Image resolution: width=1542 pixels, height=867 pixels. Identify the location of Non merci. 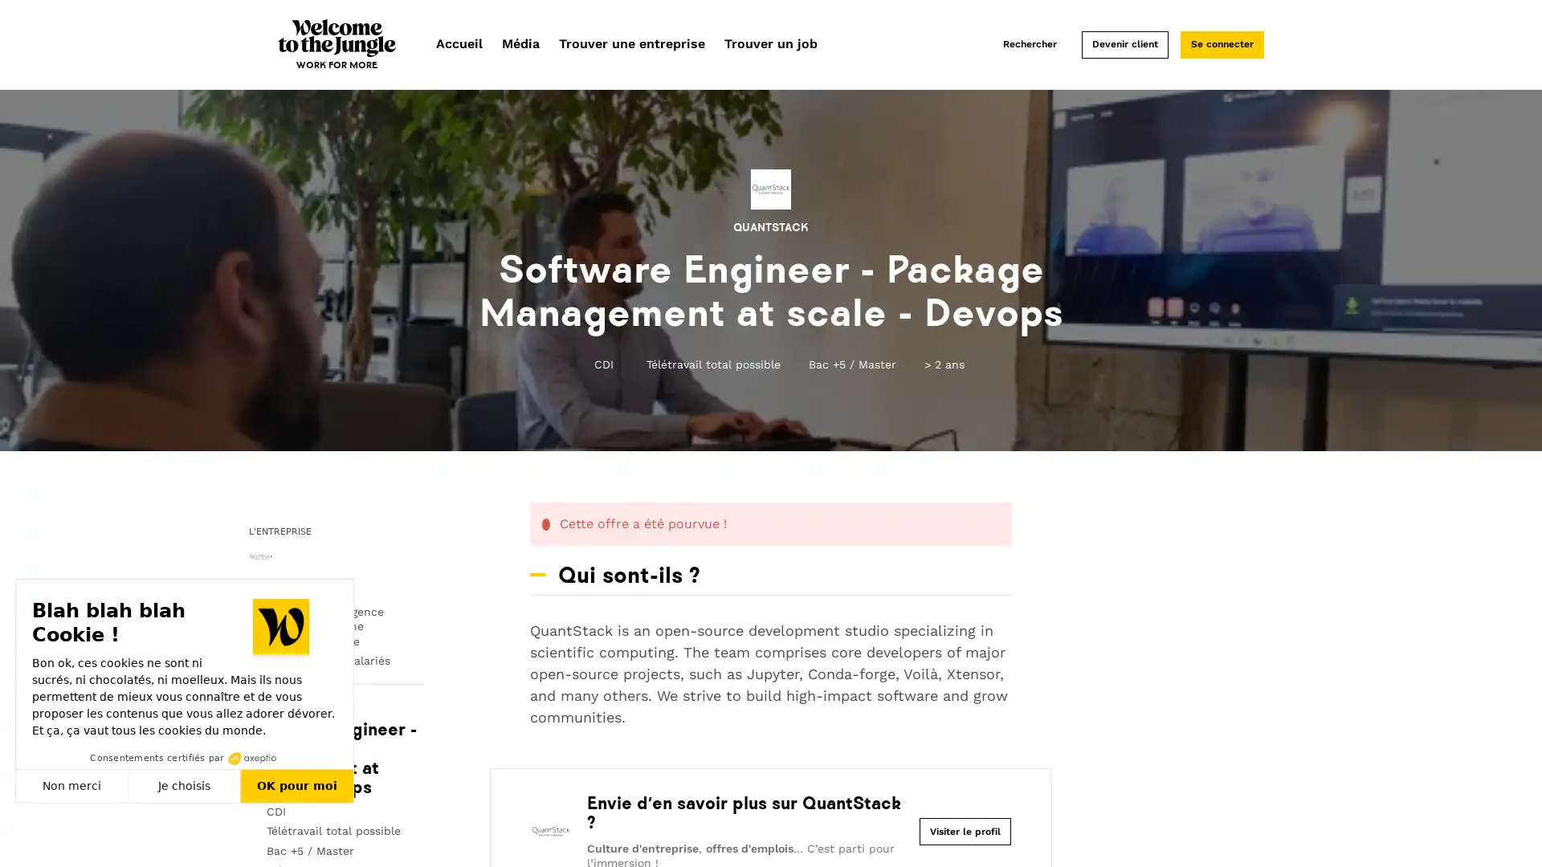
(71, 785).